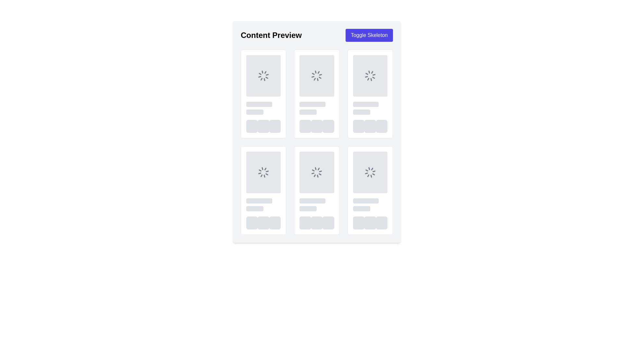 The image size is (623, 350). I want to click on the animation of the first placeholder element which is visually styled and serves as a dynamic loading feature, positioned in the bottom-right grid cell of the interface, so click(358, 222).